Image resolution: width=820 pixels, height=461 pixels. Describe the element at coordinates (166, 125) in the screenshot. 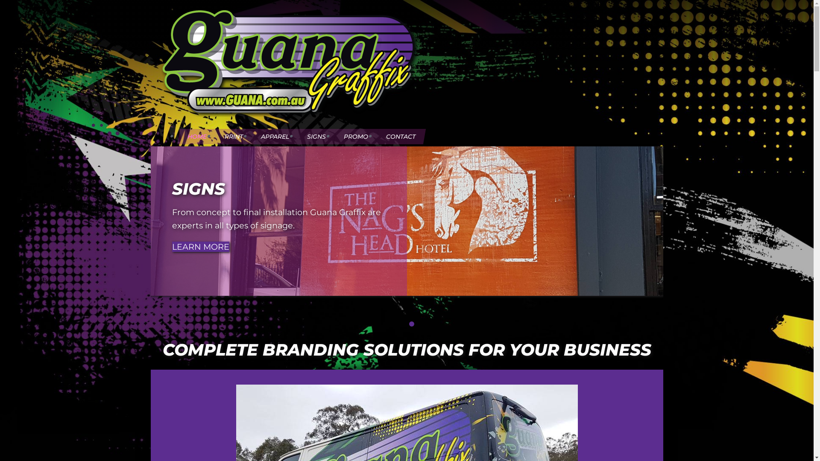

I see `'on'` at that location.